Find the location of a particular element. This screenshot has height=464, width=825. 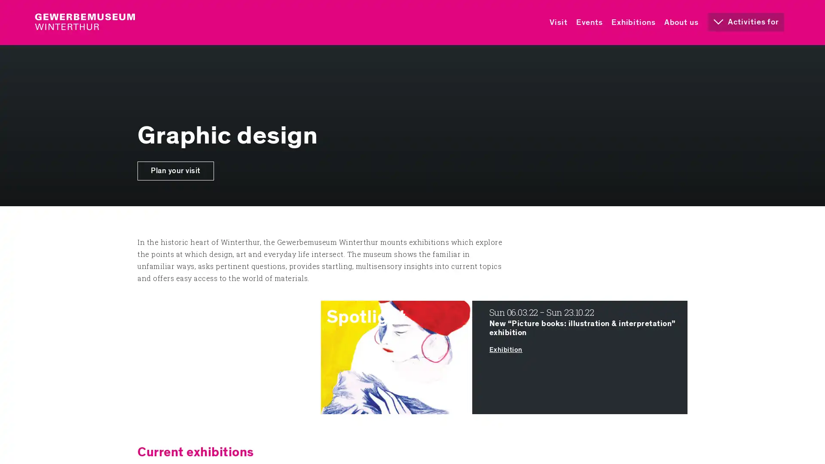

Activities for is located at coordinates (746, 21).